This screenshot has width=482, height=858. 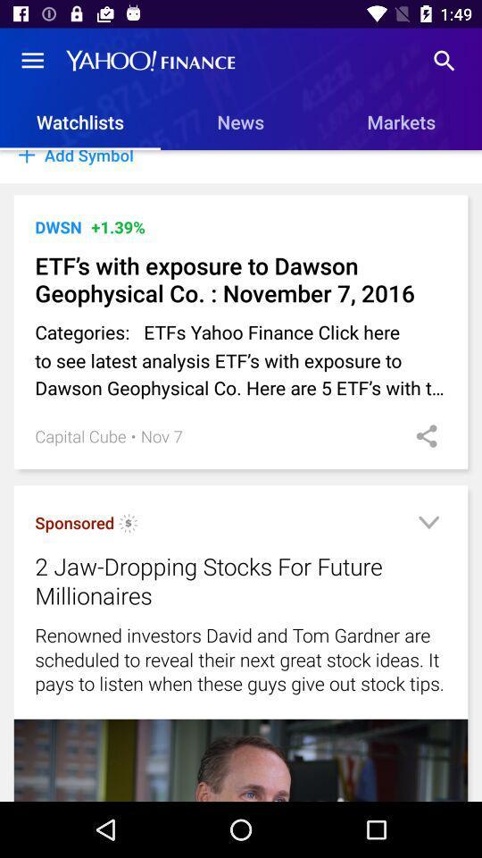 What do you see at coordinates (118, 226) in the screenshot?
I see `the +1.39% item` at bounding box center [118, 226].